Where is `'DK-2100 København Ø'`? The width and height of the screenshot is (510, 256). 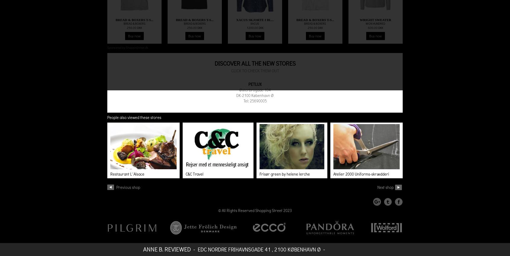
'DK-2100 København Ø' is located at coordinates (255, 95).